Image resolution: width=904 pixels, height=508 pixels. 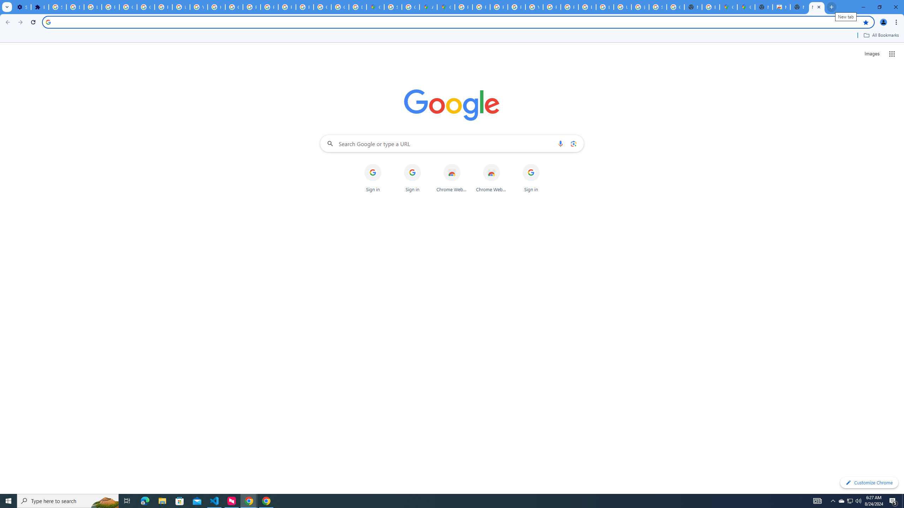 What do you see at coordinates (446, 7) in the screenshot?
I see `'Google Maps'` at bounding box center [446, 7].